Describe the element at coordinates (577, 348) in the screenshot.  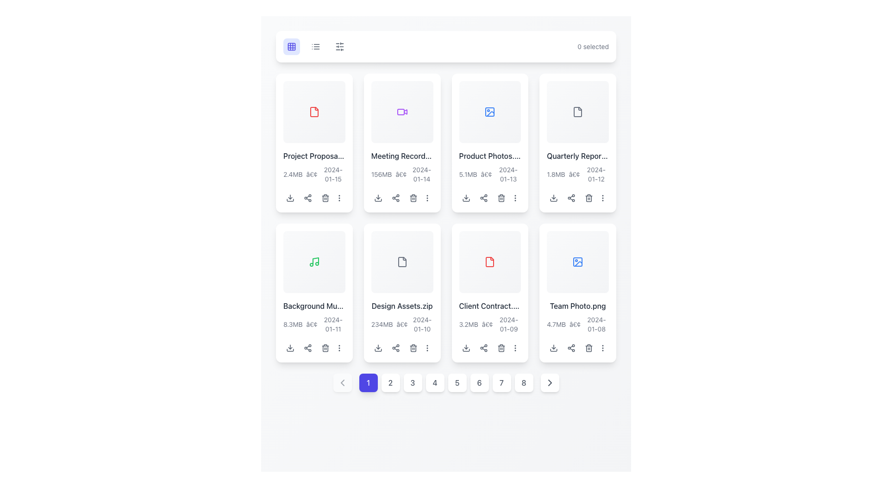
I see `the Action bar with multiple icons located below the file information of 'Team Photo.png'` at that location.